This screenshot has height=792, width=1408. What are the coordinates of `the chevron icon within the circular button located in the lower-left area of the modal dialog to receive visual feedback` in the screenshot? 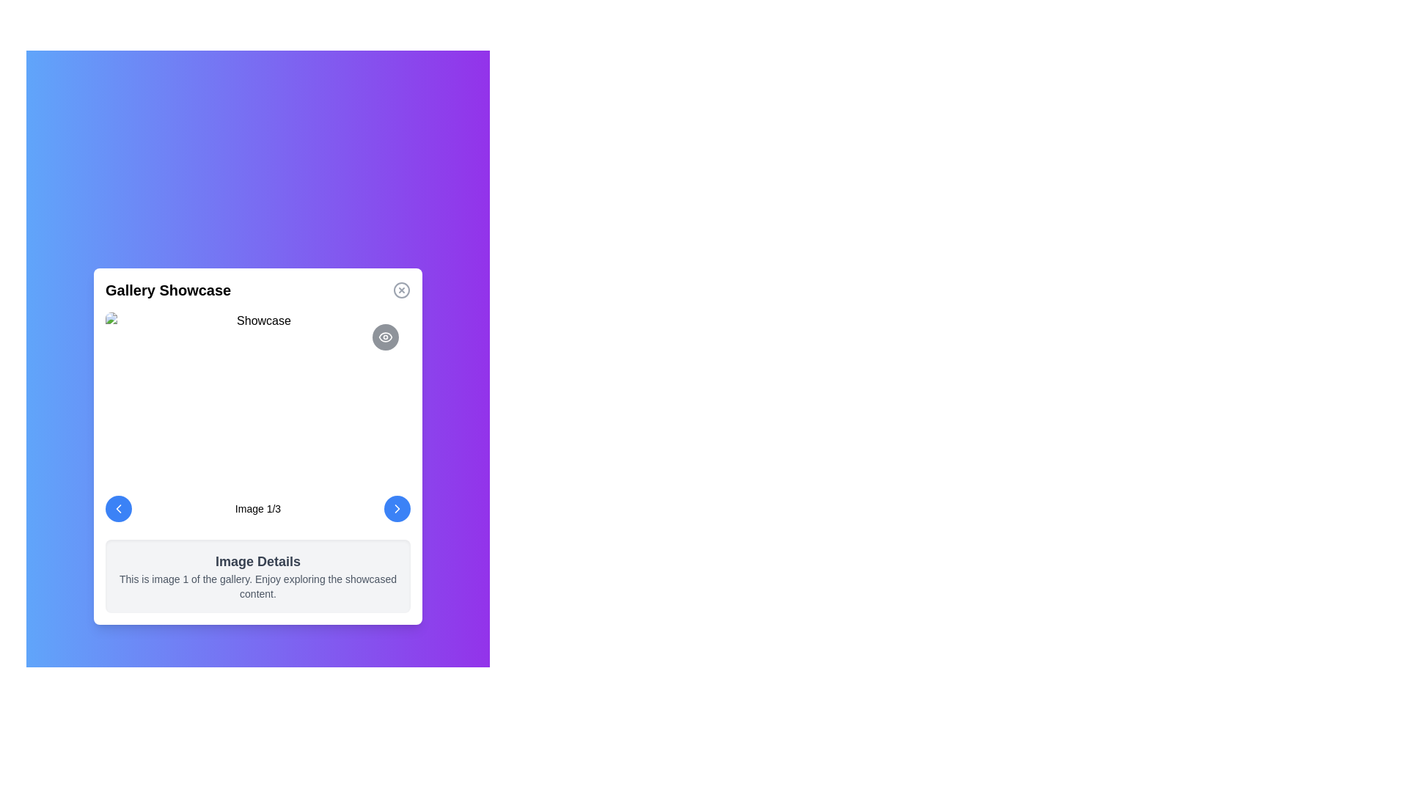 It's located at (119, 508).